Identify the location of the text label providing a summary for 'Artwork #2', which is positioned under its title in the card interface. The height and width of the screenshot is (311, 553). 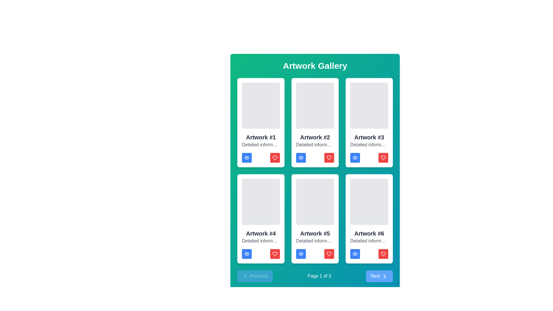
(315, 144).